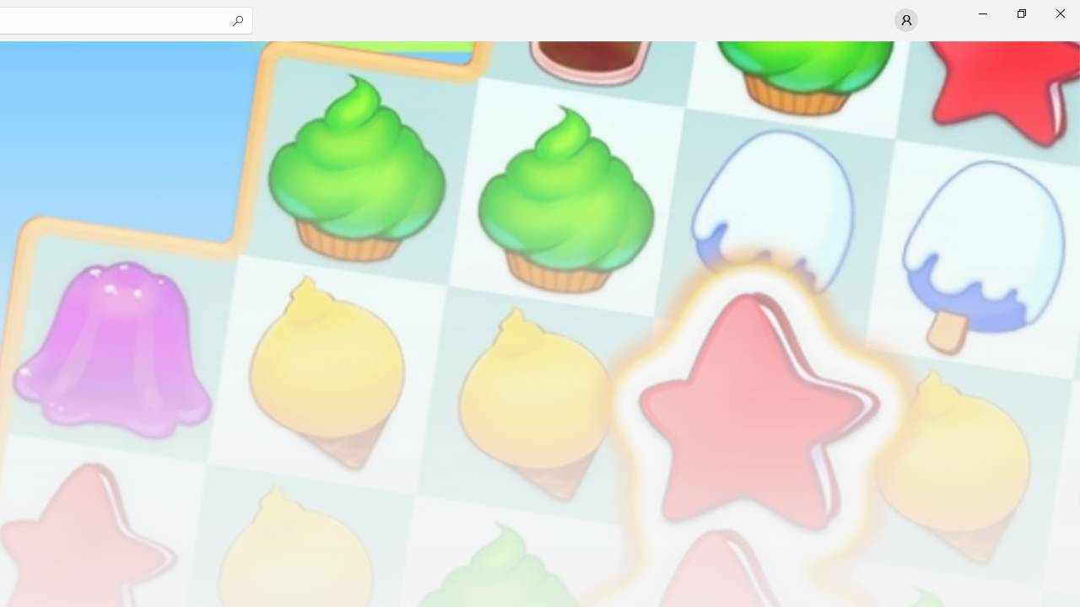 This screenshot has height=607, width=1080. I want to click on 'Restore Microsoft Store', so click(1020, 13).